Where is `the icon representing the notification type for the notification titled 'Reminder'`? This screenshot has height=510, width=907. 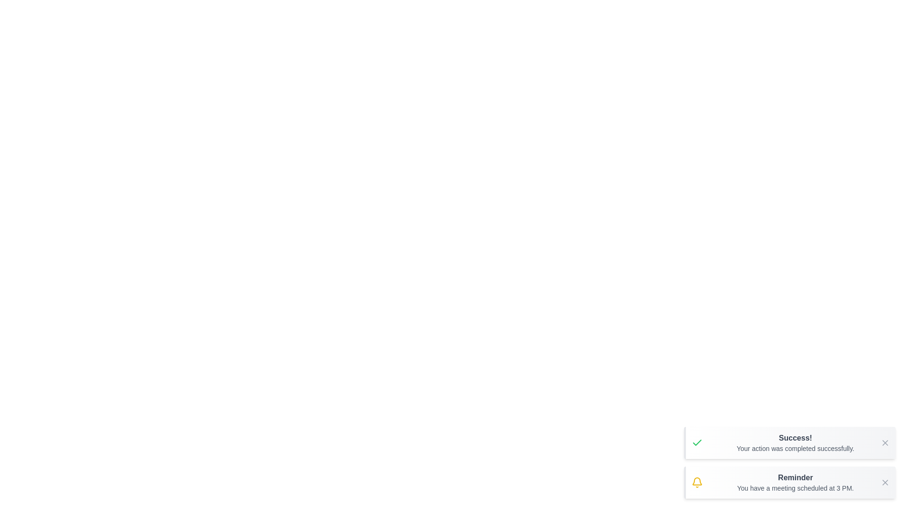
the icon representing the notification type for the notification titled 'Reminder' is located at coordinates (697, 483).